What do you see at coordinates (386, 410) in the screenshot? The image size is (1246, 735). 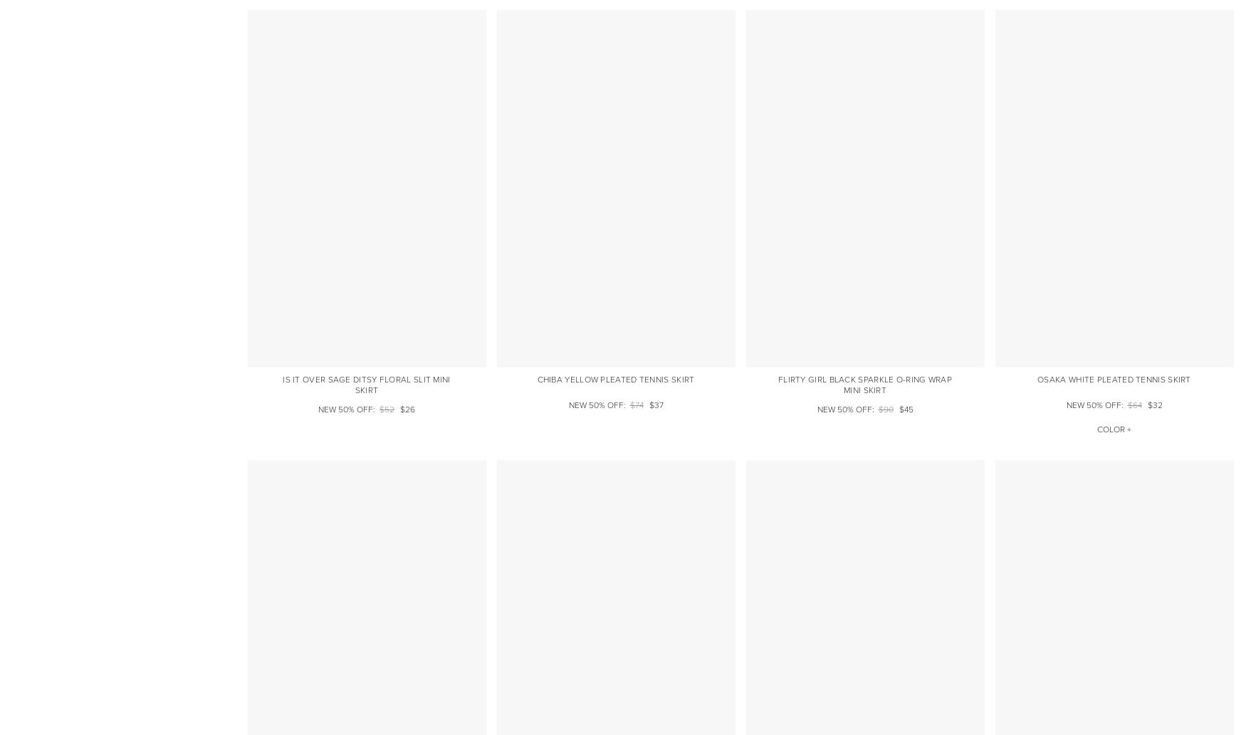 I see `'$52'` at bounding box center [386, 410].